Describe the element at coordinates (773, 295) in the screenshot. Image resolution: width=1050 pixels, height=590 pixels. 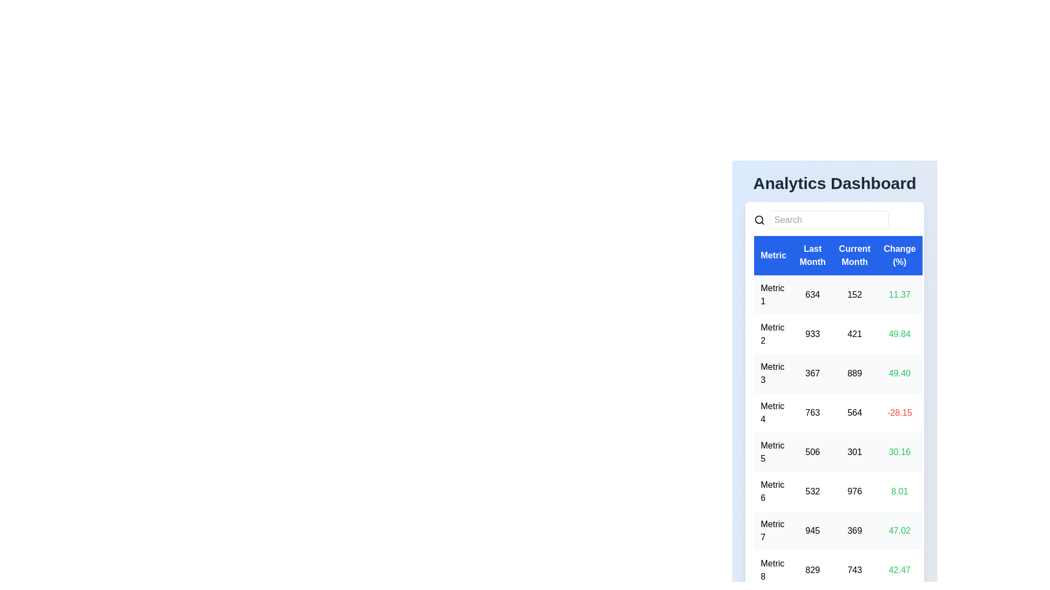
I see `the cell containing 'Metric 1' to focus its content` at that location.